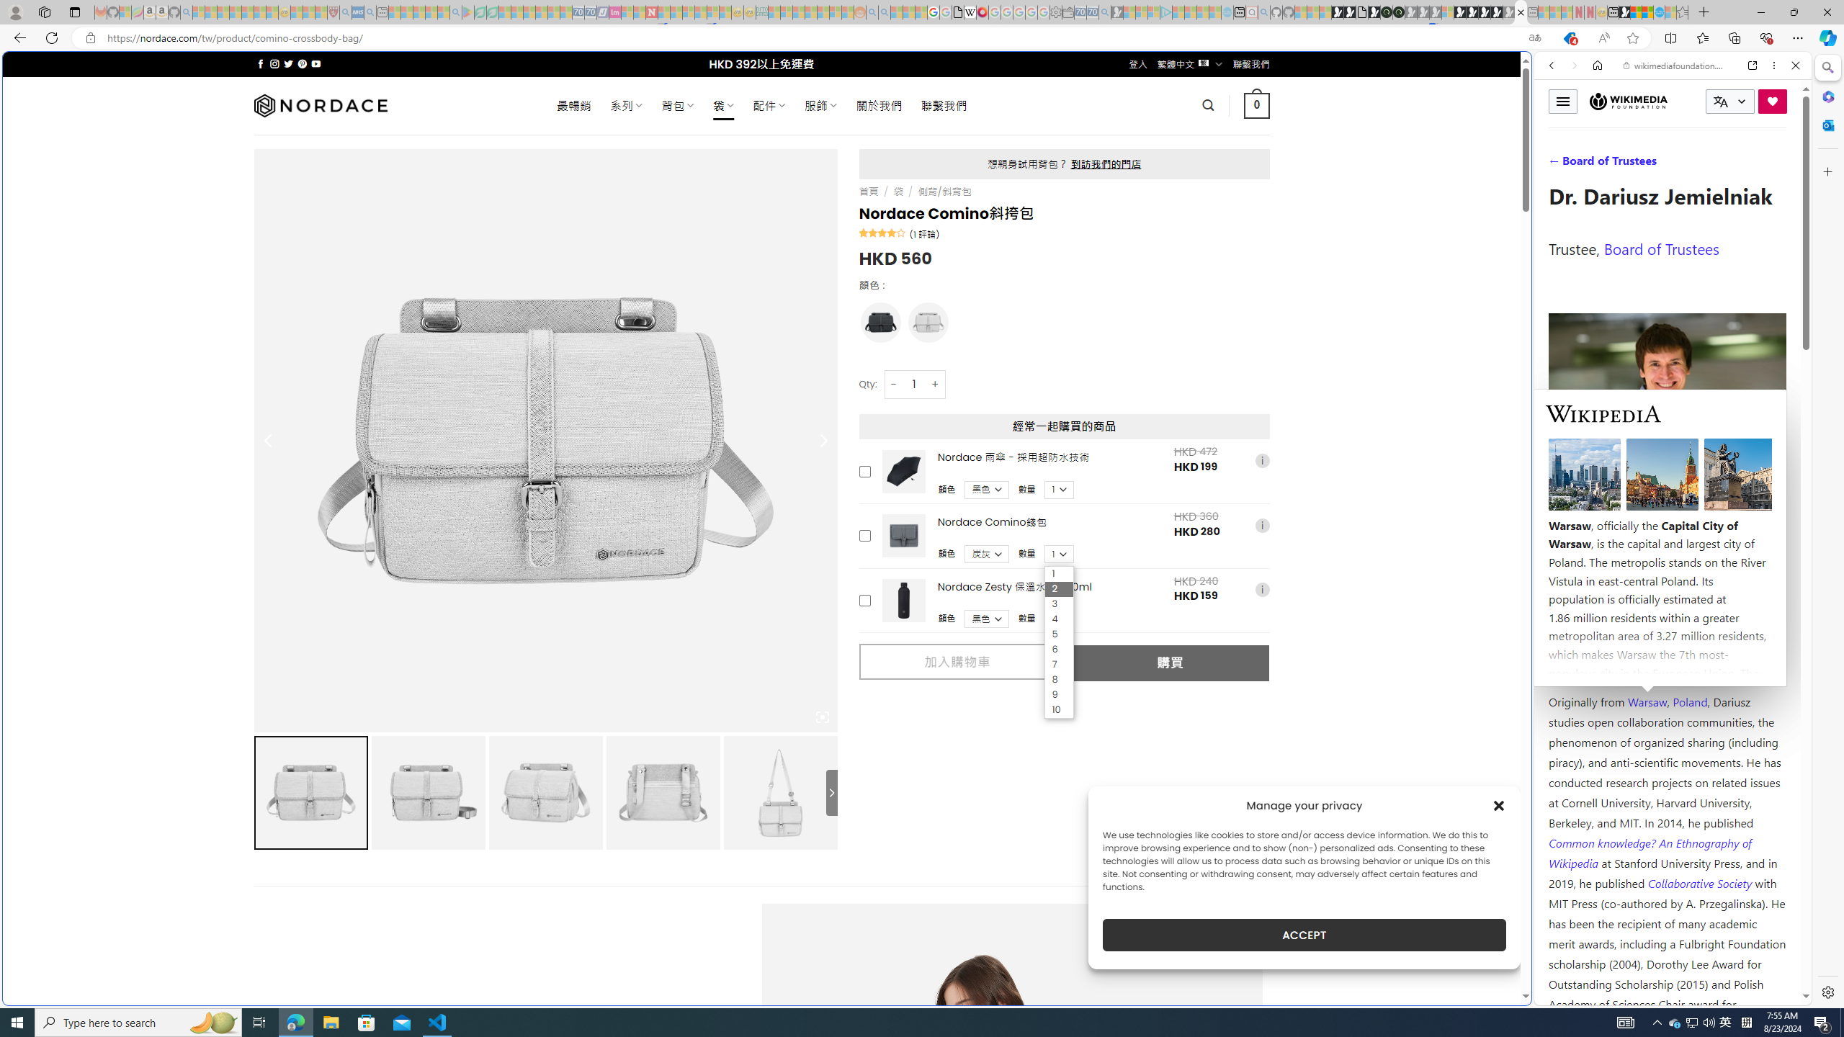 Image resolution: width=1844 pixels, height=1037 pixels. I want to click on 'Profile on Meta-Wiki', so click(1613, 513).